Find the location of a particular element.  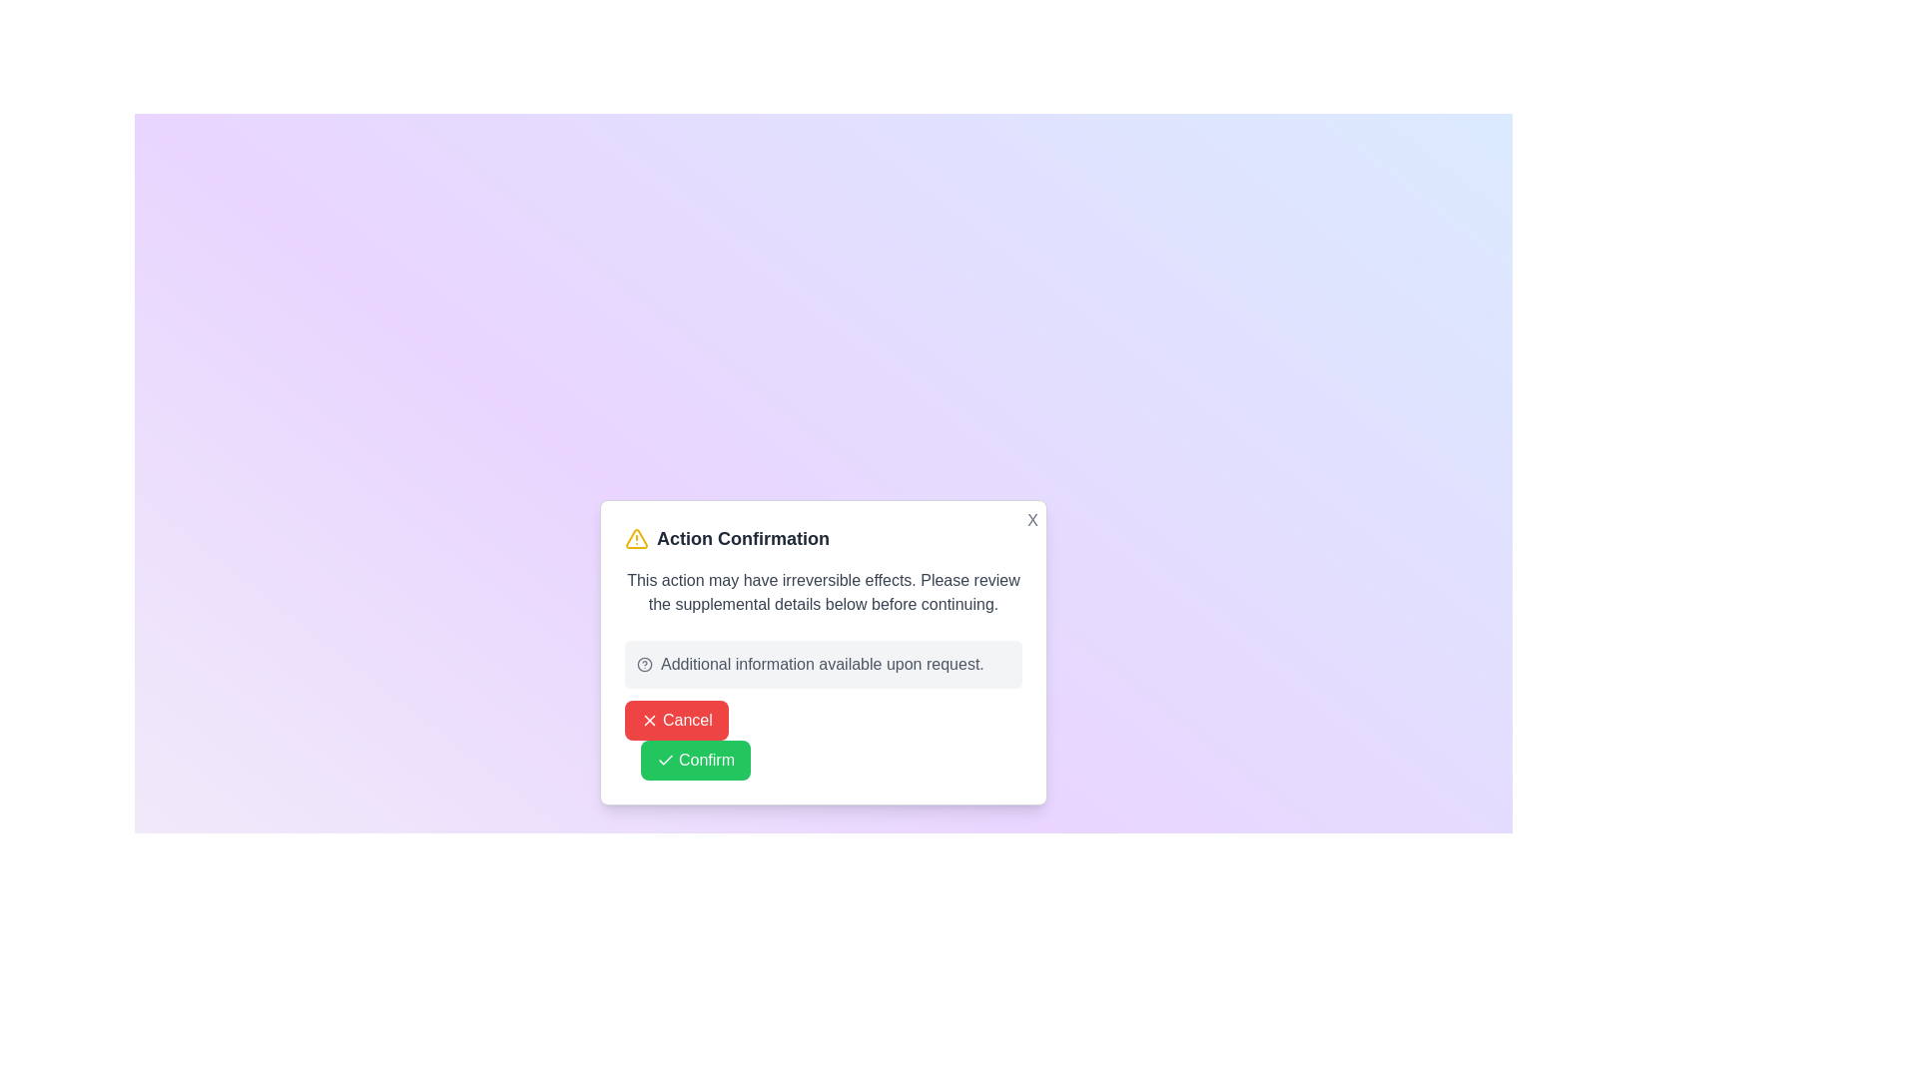

the small red icon resembling a cross ('X') within the 'Cancel' button in the confirmation dialog box is located at coordinates (650, 720).